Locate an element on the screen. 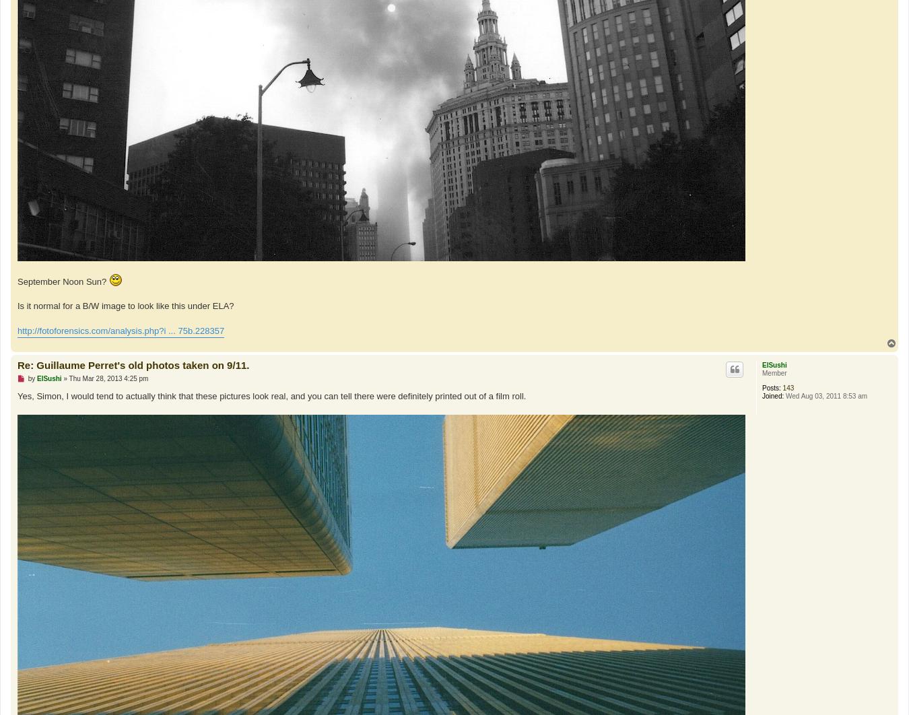 The image size is (909, 715). 'September Noon Sun?' is located at coordinates (62, 280).